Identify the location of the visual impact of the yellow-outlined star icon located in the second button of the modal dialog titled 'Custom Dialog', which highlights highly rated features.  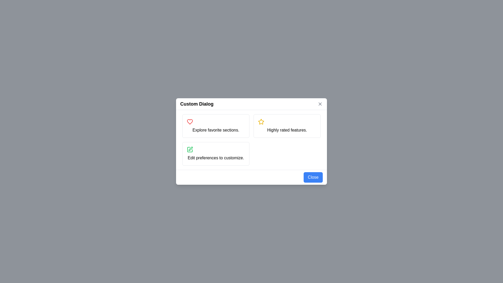
(261, 122).